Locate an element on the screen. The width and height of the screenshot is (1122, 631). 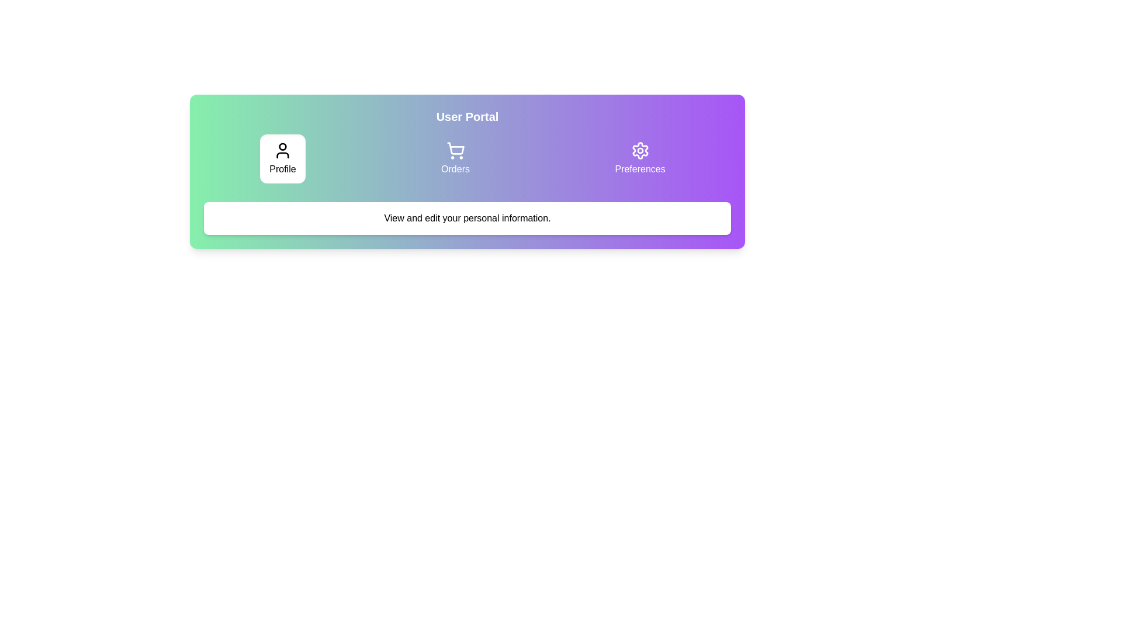
the tab labeled Profile to view its content is located at coordinates (282, 159).